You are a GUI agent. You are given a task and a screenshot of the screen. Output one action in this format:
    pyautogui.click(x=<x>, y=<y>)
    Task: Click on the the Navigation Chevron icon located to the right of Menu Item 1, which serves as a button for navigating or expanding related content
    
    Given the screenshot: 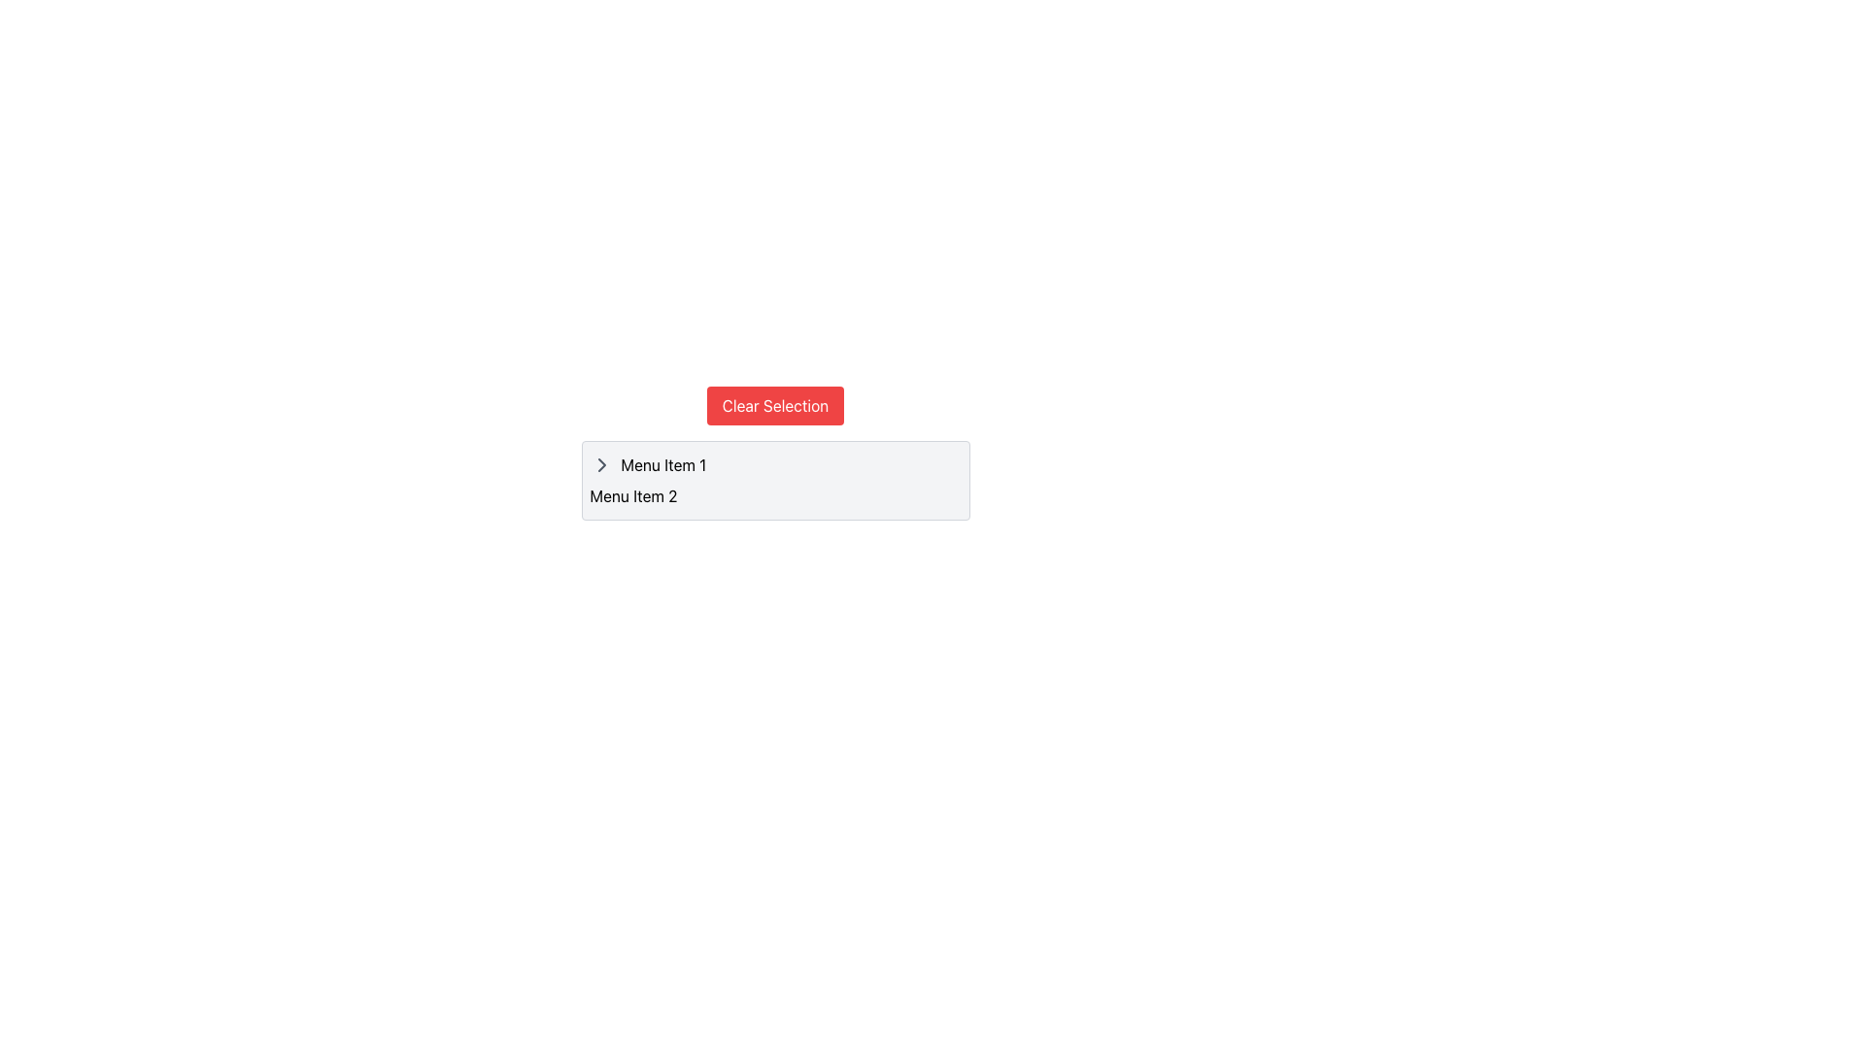 What is the action you would take?
    pyautogui.click(x=600, y=464)
    